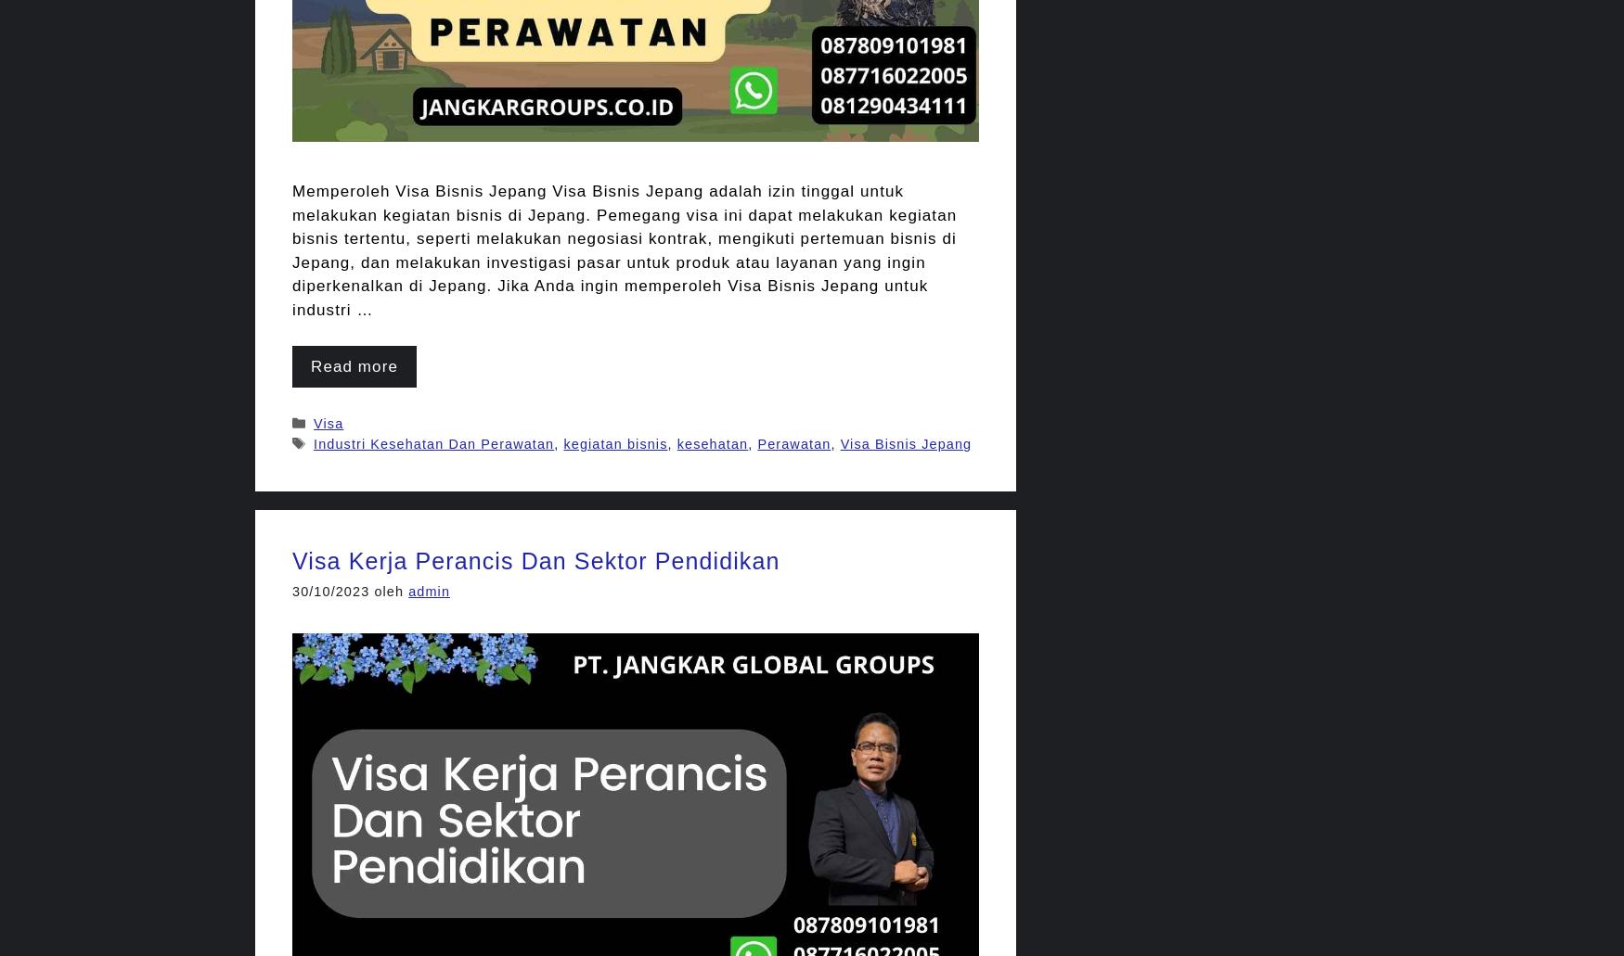 The height and width of the screenshot is (956, 1624). What do you see at coordinates (905, 442) in the screenshot?
I see `'Visa Bisnis Jepang'` at bounding box center [905, 442].